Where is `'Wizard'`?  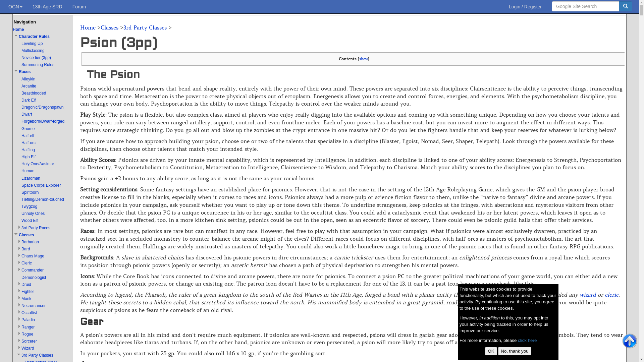 'Wizard' is located at coordinates (27, 348).